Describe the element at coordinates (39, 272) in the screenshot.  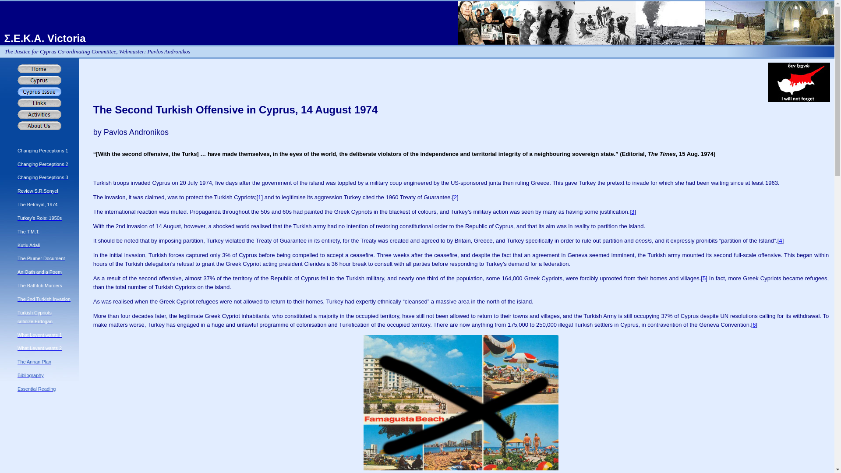
I see `'An Oath and a Poem'` at that location.